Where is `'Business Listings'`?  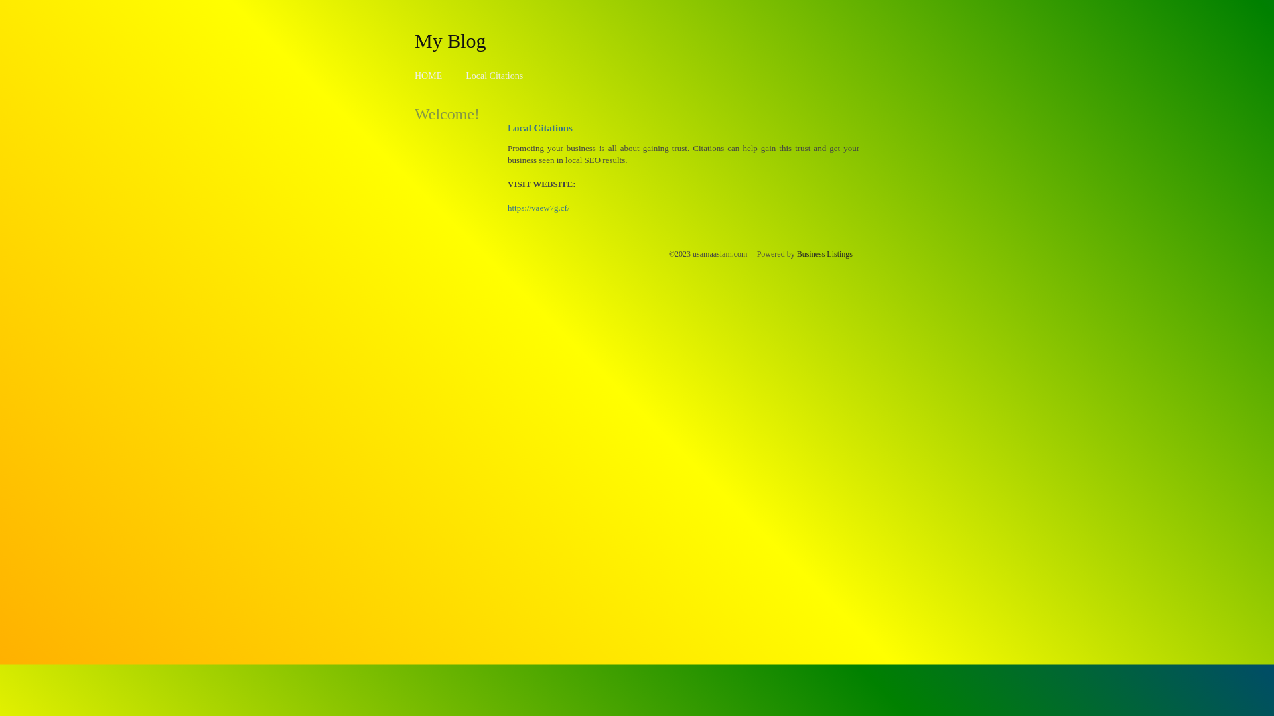 'Business Listings' is located at coordinates (796, 253).